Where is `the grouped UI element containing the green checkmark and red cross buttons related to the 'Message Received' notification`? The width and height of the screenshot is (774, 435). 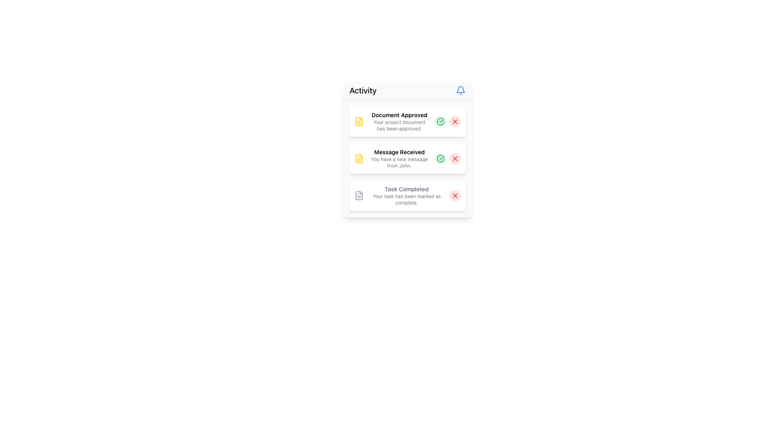
the grouped UI element containing the green checkmark and red cross buttons related to the 'Message Received' notification is located at coordinates (447, 158).